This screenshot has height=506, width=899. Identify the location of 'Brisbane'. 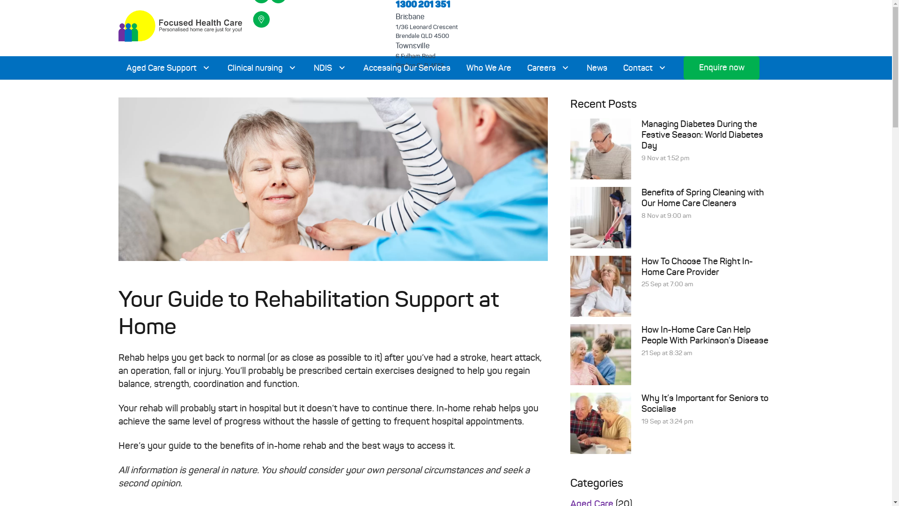
(410, 16).